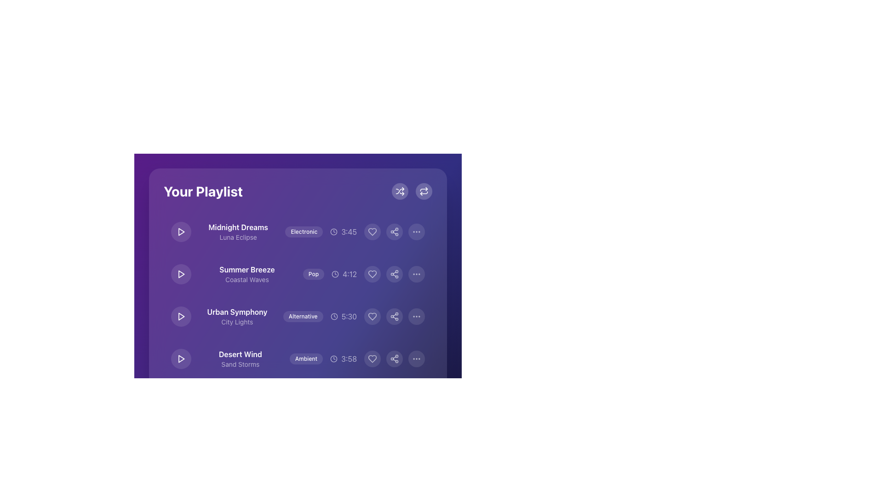 This screenshot has height=497, width=883. I want to click on the text label that provides supplementary descriptive information for the 'Midnight Dreams' playlist entry, which is centrally aligned below it, so click(238, 237).